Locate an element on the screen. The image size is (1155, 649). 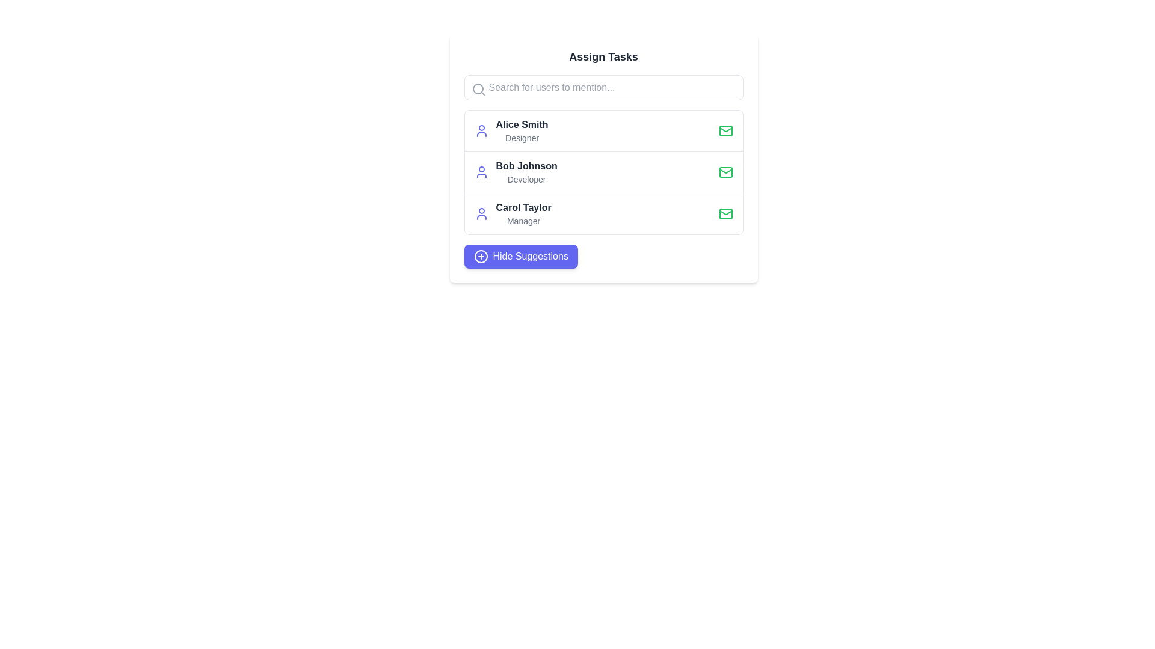
the prominent green envelope icon representing email or messaging, located to the right of Bob Johnson's user information in the 'Assign Tasks' section is located at coordinates (725, 171).